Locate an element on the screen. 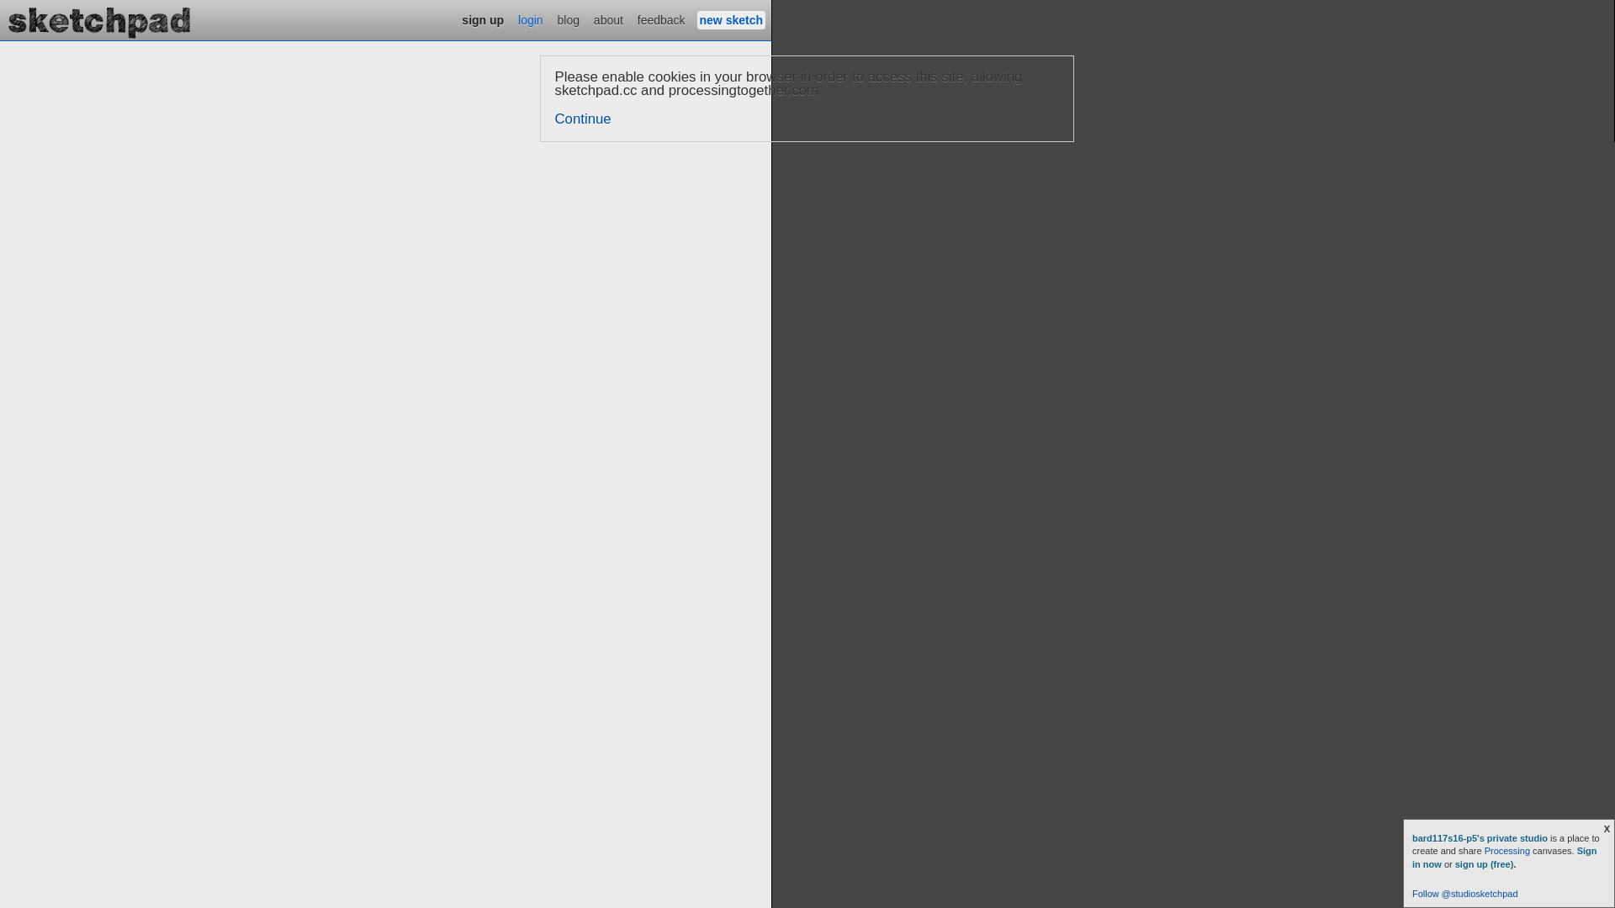 The image size is (1615, 908). 'Follow @studiosketchpad' is located at coordinates (1412, 893).